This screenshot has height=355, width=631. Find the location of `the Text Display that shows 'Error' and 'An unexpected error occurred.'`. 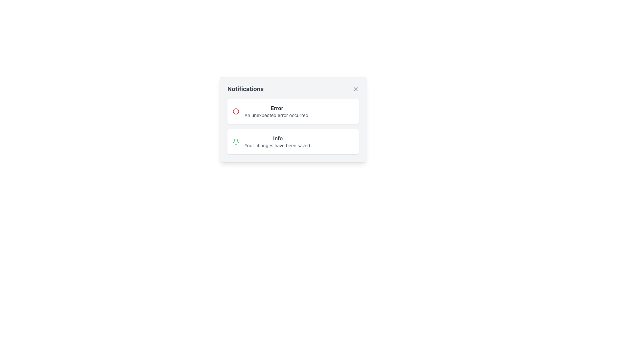

the Text Display that shows 'Error' and 'An unexpected error occurred.' is located at coordinates (277, 111).